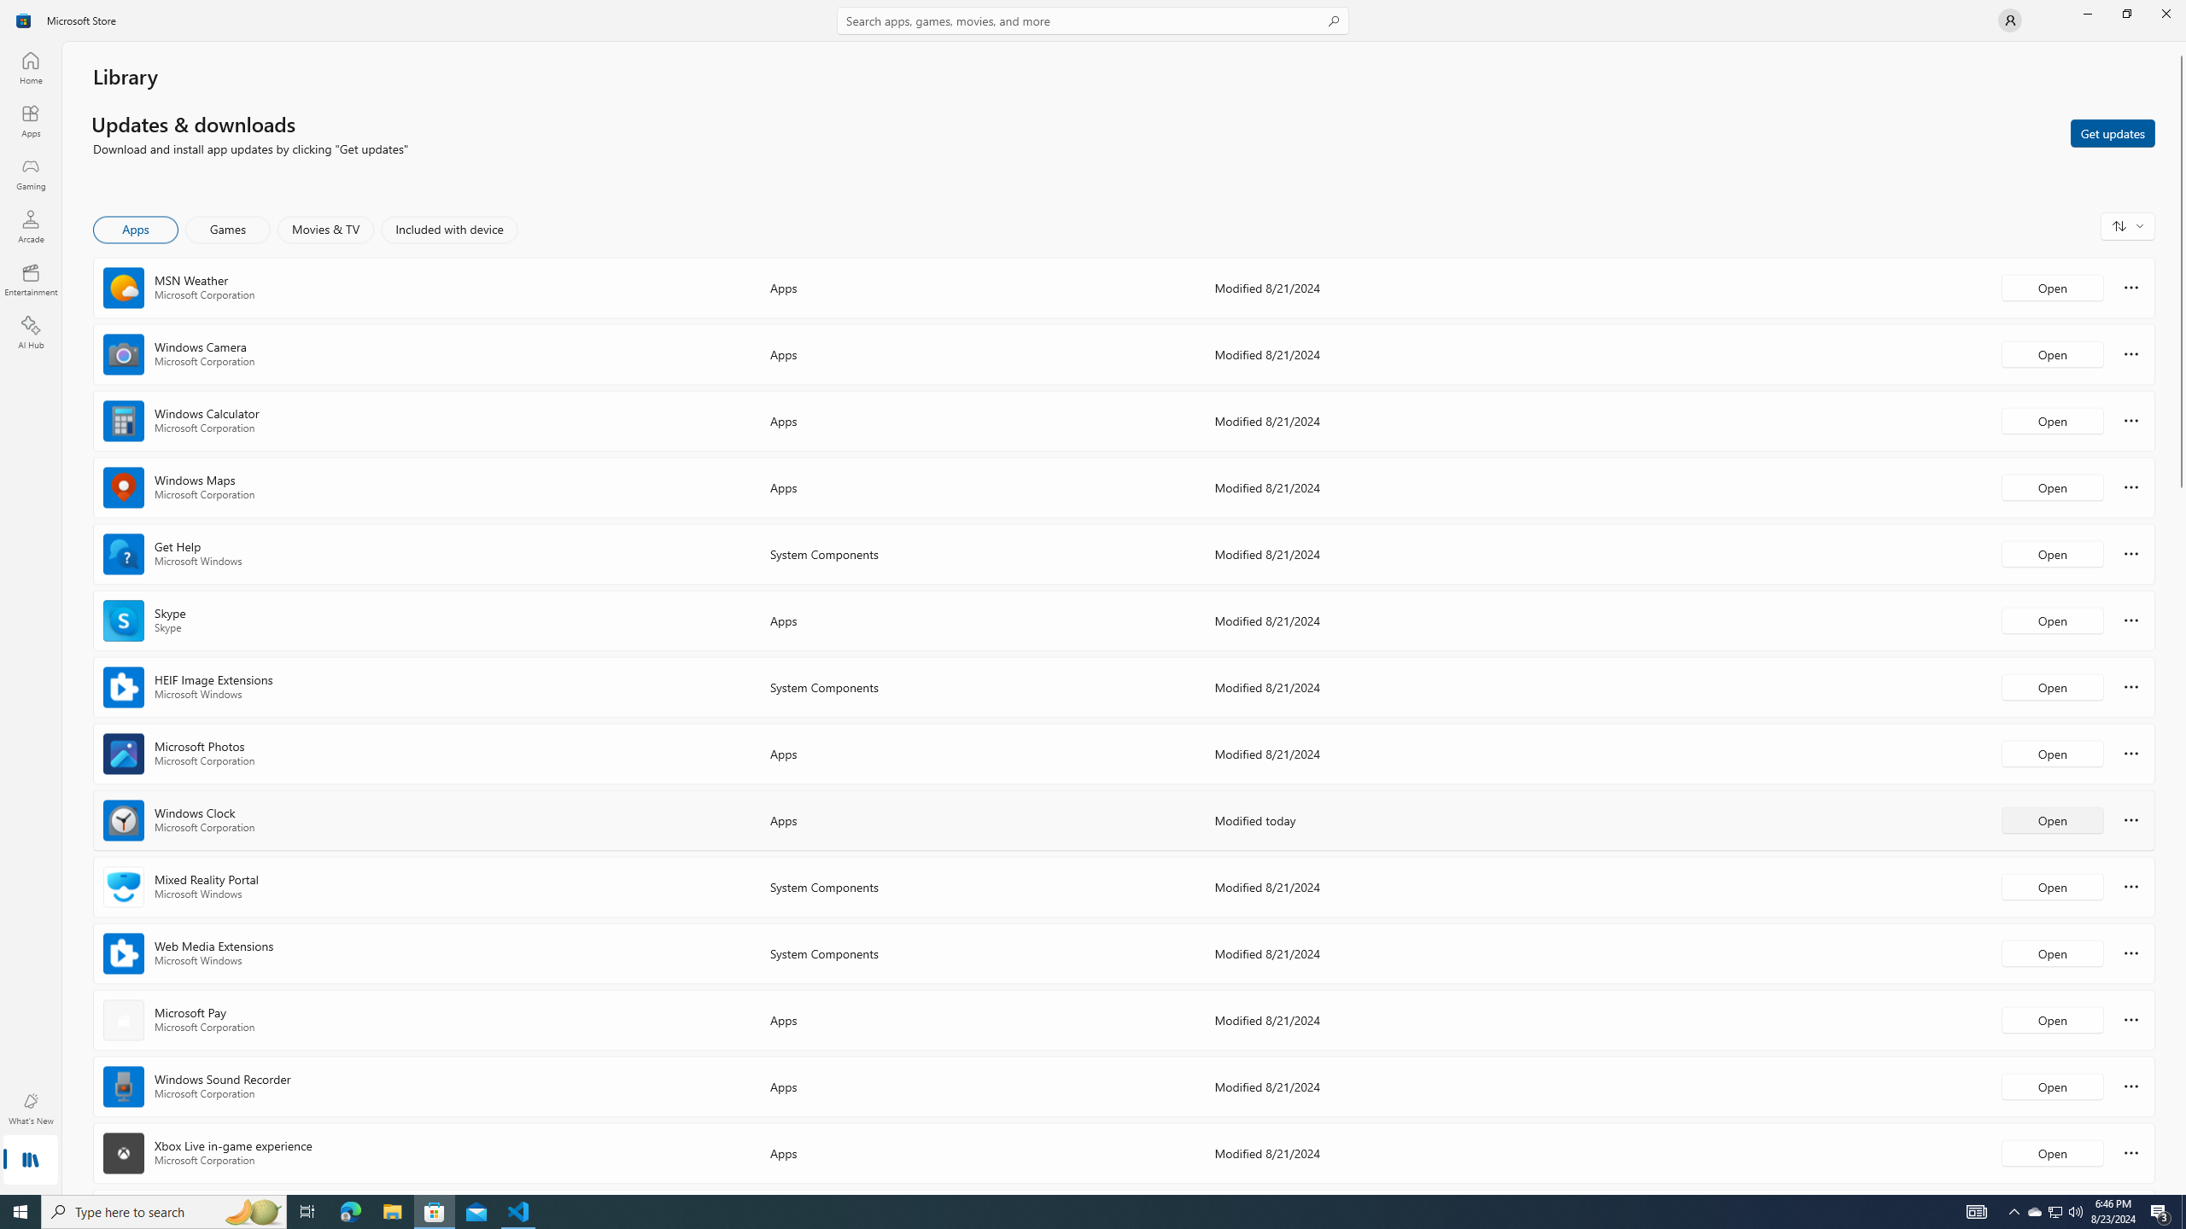  I want to click on 'Apps', so click(29, 120).